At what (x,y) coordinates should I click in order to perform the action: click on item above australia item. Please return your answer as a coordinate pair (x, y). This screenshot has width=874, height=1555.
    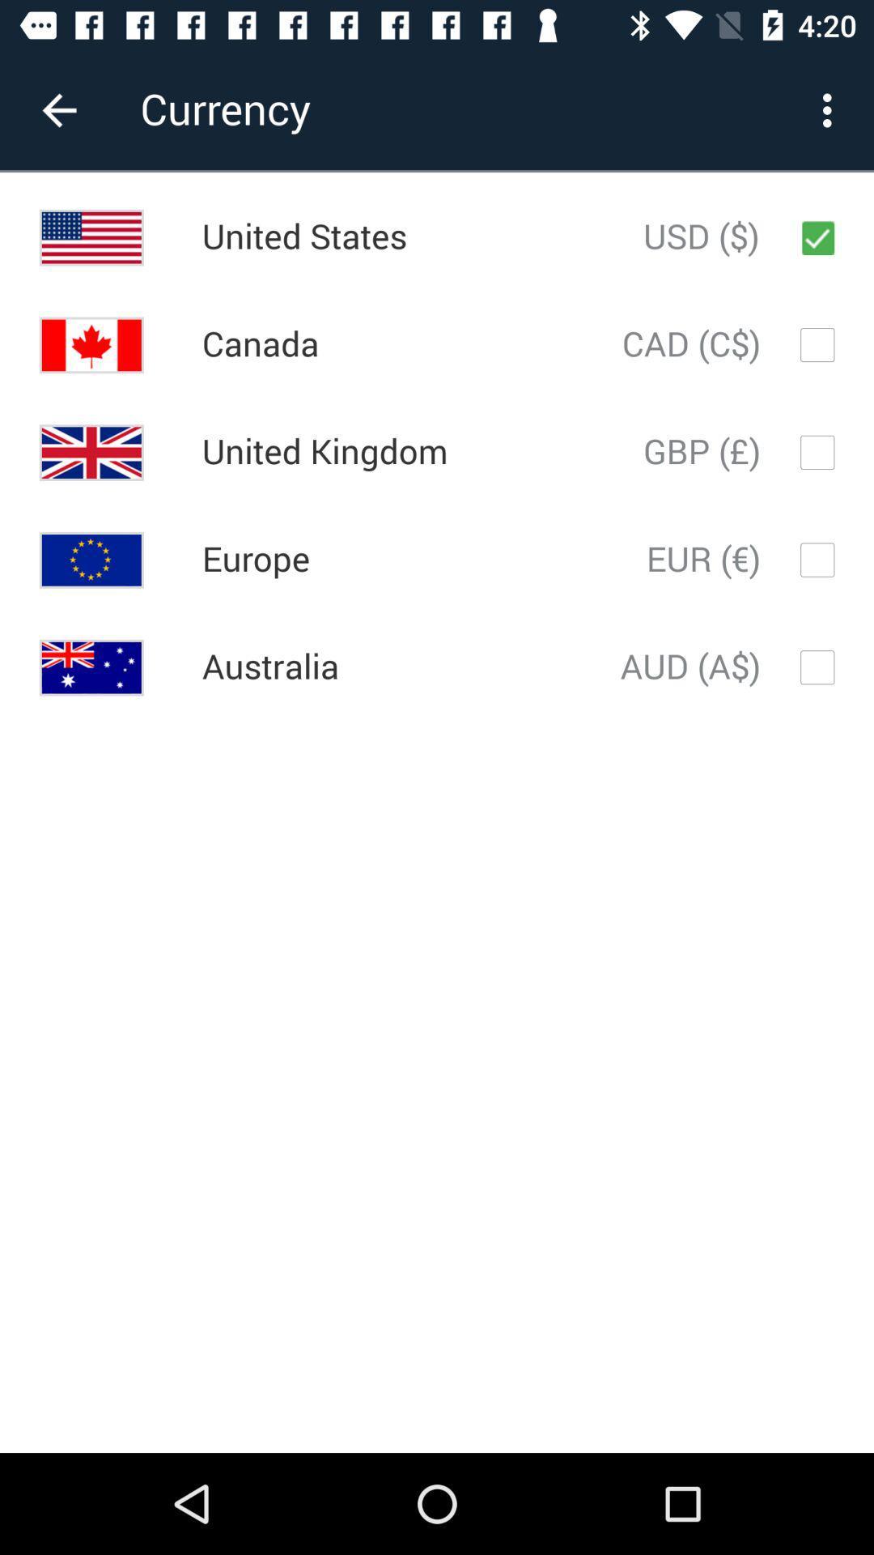
    Looking at the image, I should click on (255, 560).